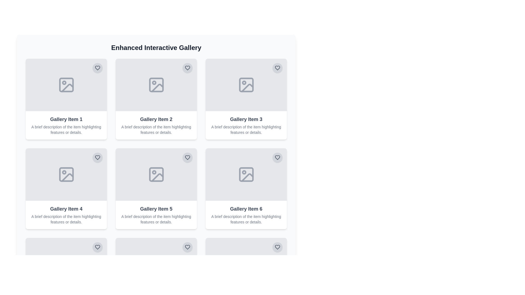 Image resolution: width=525 pixels, height=295 pixels. I want to click on the small circular dot located within the fifth gallery item, positioned in the second row and the middle column of the grid, so click(154, 172).